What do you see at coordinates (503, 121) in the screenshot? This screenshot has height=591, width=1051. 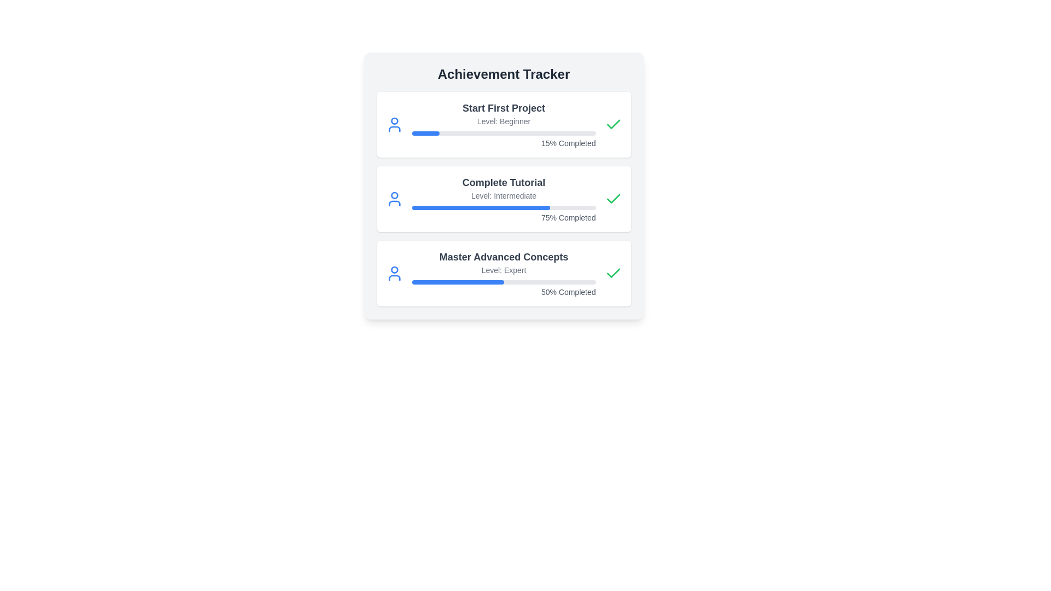 I see `the text label indicating the difficulty level for 'Start First Project', positioned beneath the title and above the progress bar` at bounding box center [503, 121].